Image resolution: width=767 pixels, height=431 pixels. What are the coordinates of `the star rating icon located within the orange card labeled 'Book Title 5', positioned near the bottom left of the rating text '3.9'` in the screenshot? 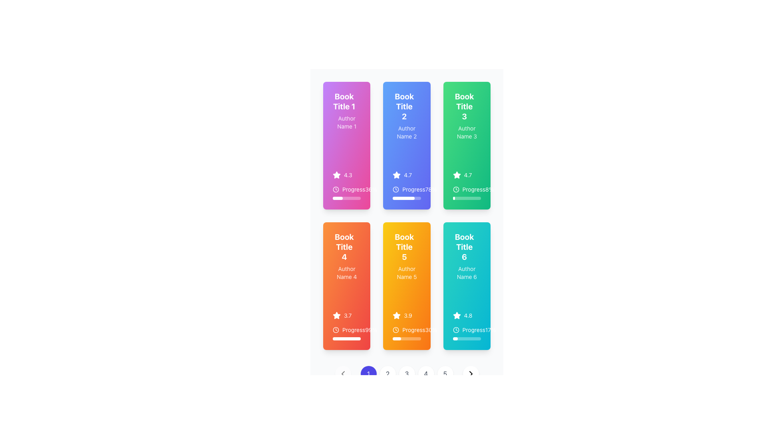 It's located at (397, 315).